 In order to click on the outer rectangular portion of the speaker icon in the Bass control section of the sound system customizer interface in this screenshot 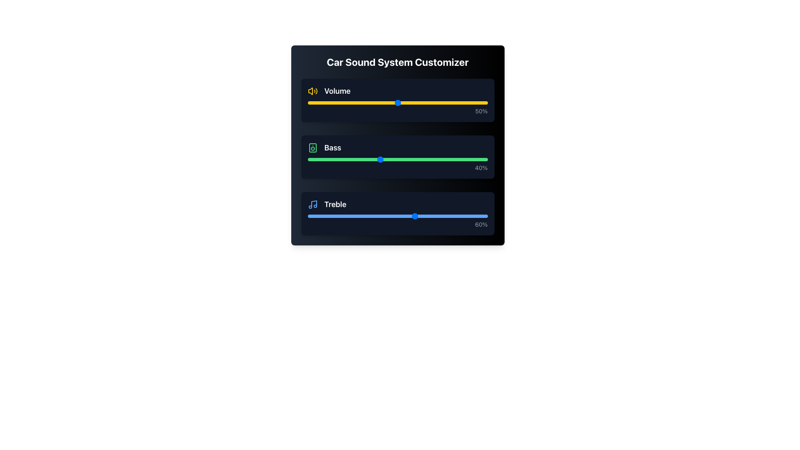, I will do `click(312, 147)`.